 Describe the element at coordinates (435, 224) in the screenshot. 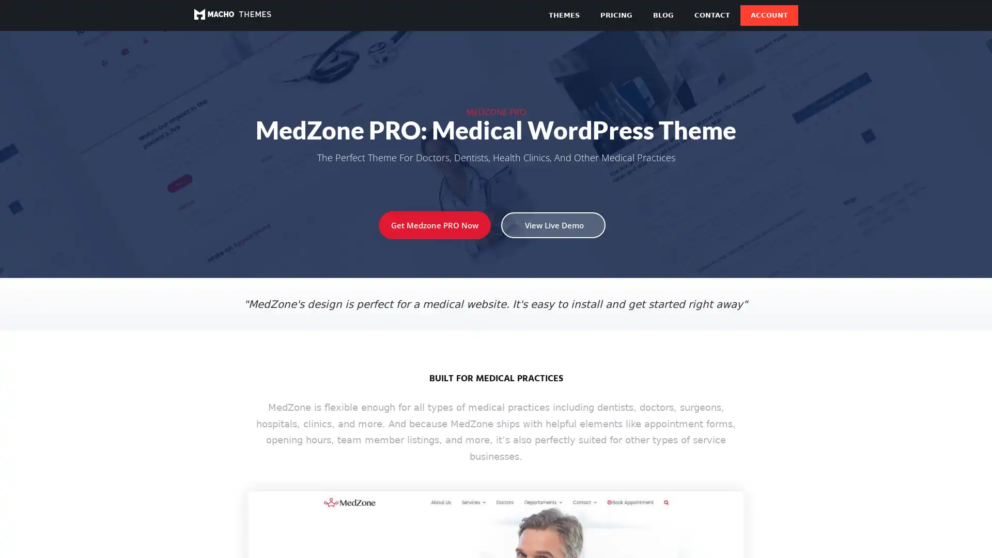

I see `Get Medzone PRO Now` at that location.